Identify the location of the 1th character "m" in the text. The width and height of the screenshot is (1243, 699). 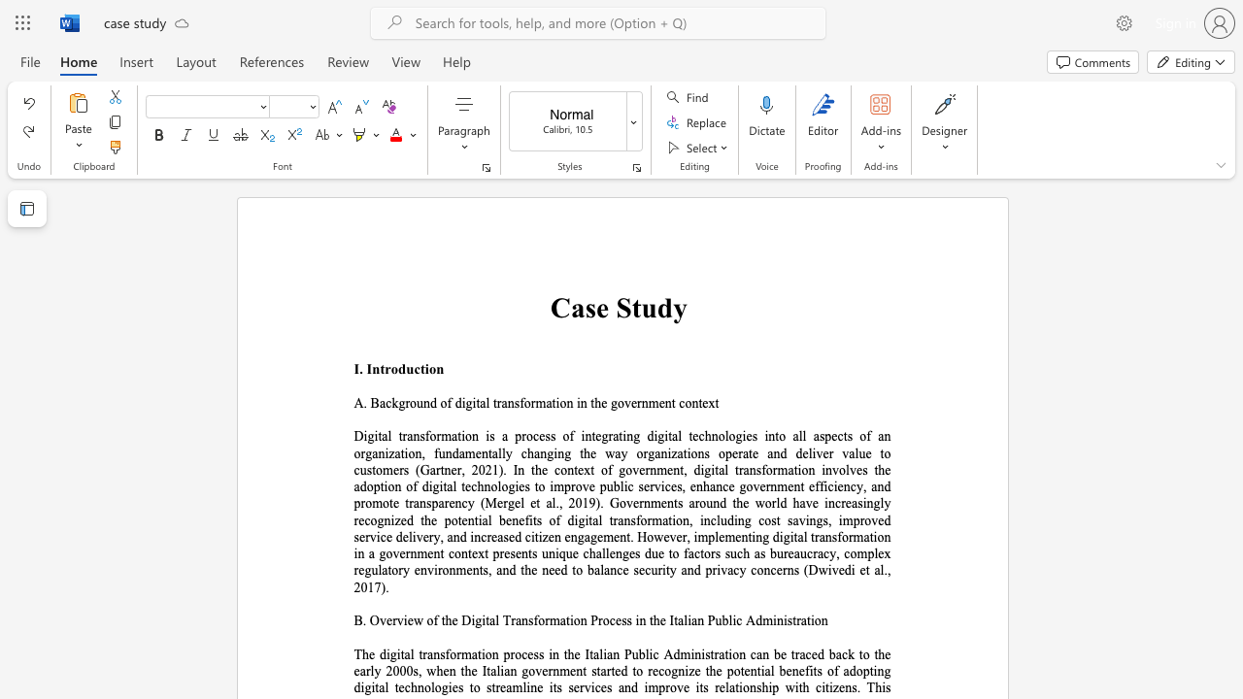
(554, 620).